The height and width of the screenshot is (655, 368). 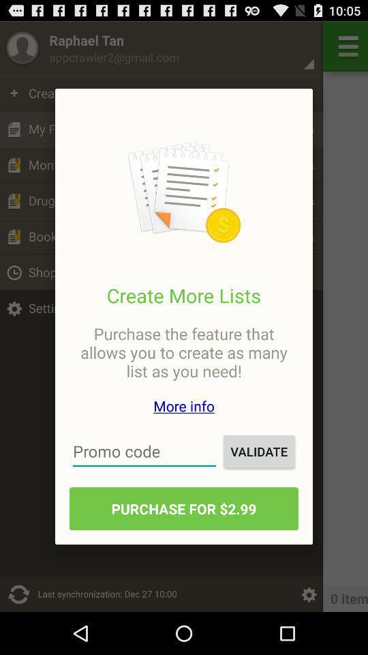 I want to click on item below purchase the feature icon, so click(x=184, y=406).